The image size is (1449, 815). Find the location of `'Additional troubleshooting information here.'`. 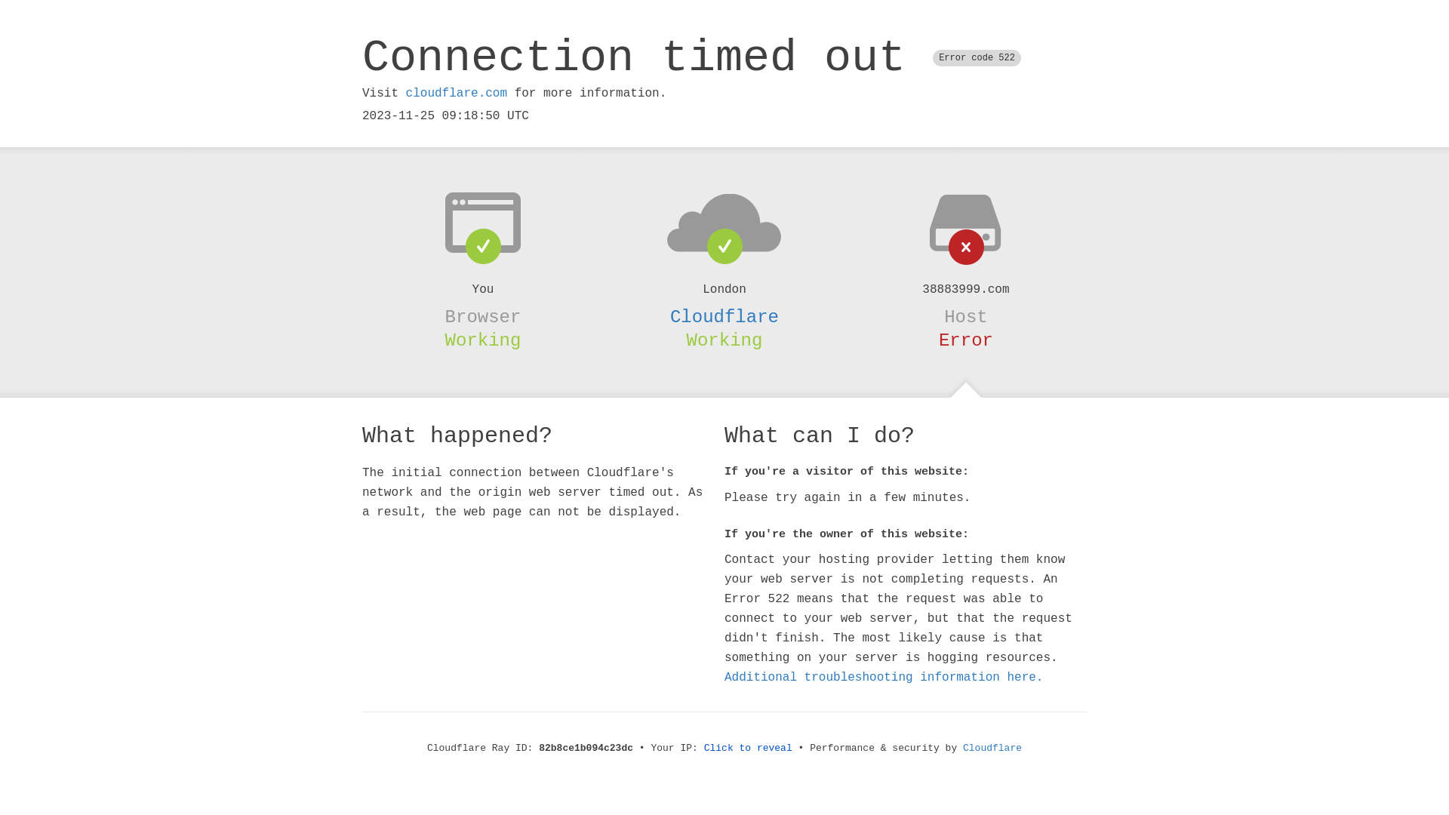

'Additional troubleshooting information here.' is located at coordinates (884, 677).